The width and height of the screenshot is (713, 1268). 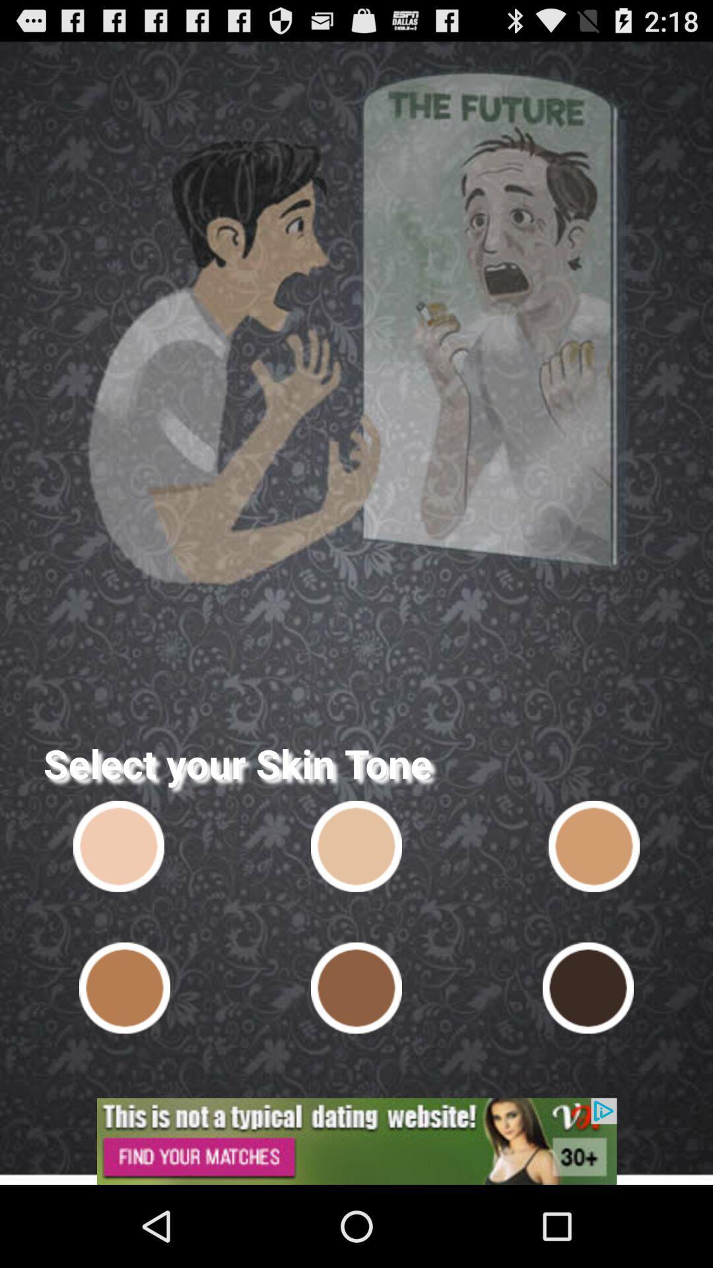 What do you see at coordinates (593, 846) in the screenshot?
I see `choose this` at bounding box center [593, 846].